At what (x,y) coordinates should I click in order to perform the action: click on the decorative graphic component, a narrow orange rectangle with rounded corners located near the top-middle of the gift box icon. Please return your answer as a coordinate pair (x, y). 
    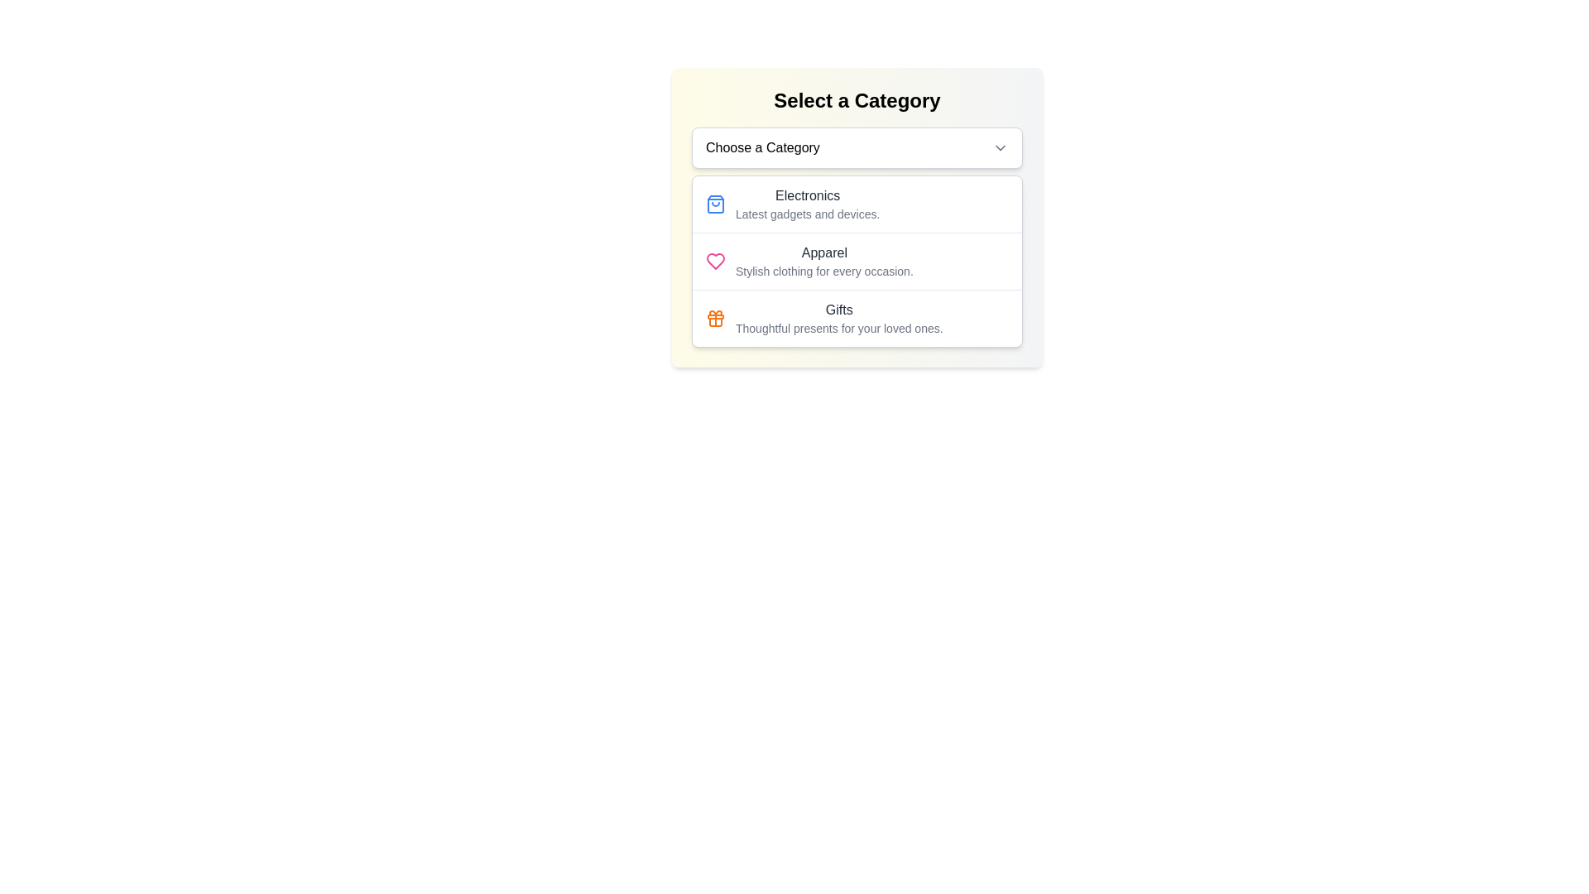
    Looking at the image, I should click on (715, 316).